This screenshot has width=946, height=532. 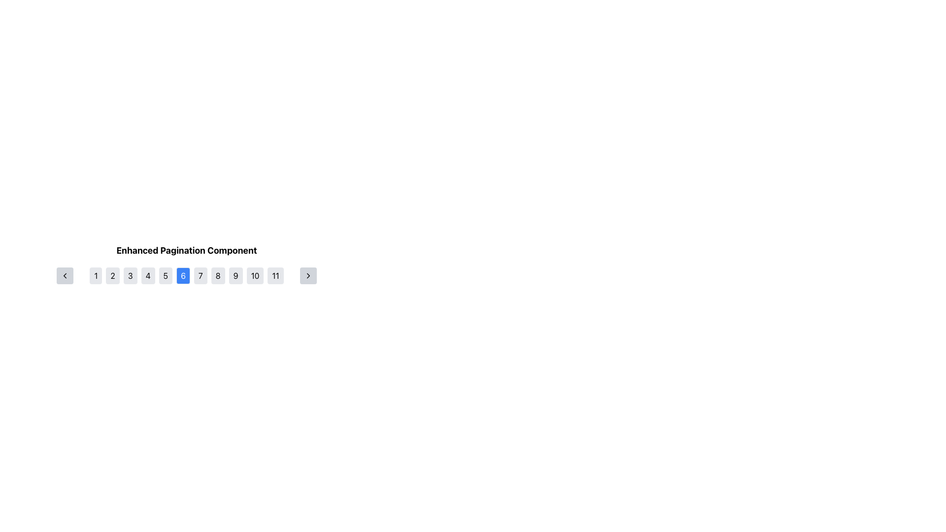 I want to click on the seventh page navigation button in the pagination system, so click(x=200, y=275).